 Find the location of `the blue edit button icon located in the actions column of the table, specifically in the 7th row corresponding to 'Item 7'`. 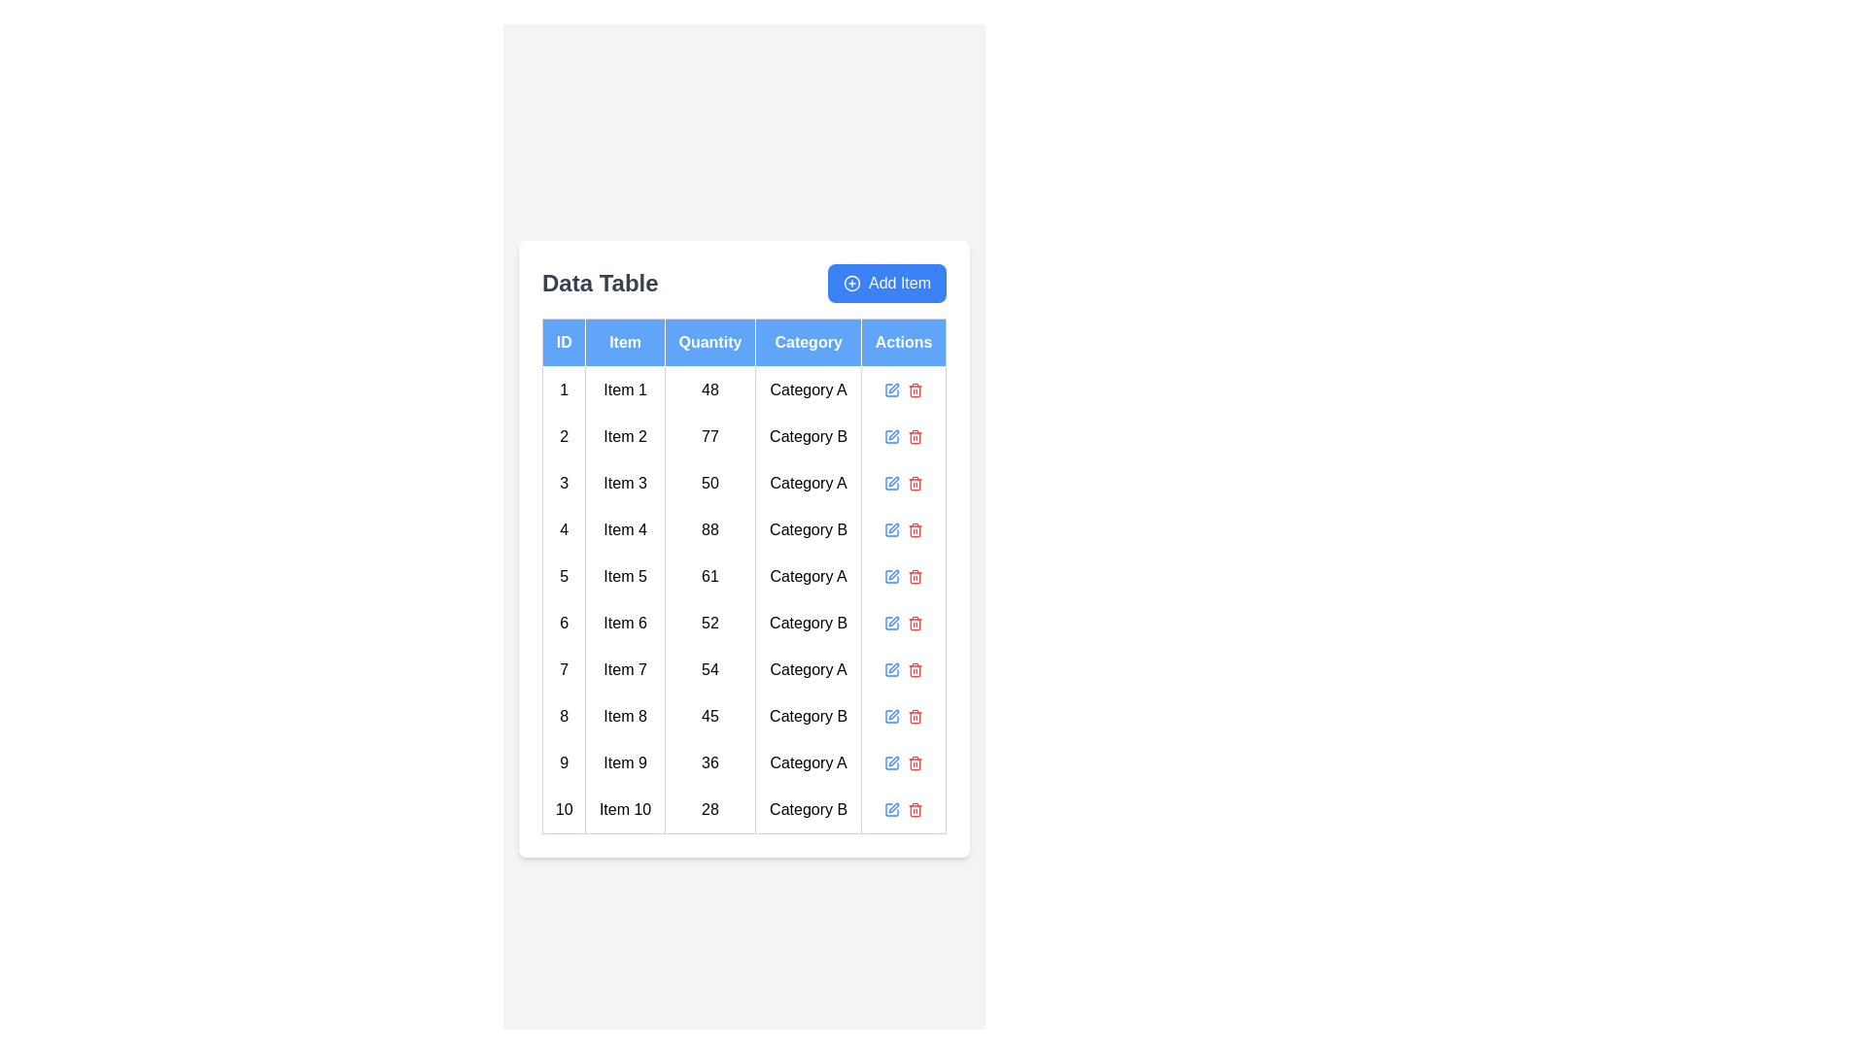

the blue edit button icon located in the actions column of the table, specifically in the 7th row corresponding to 'Item 7' is located at coordinates (891, 668).